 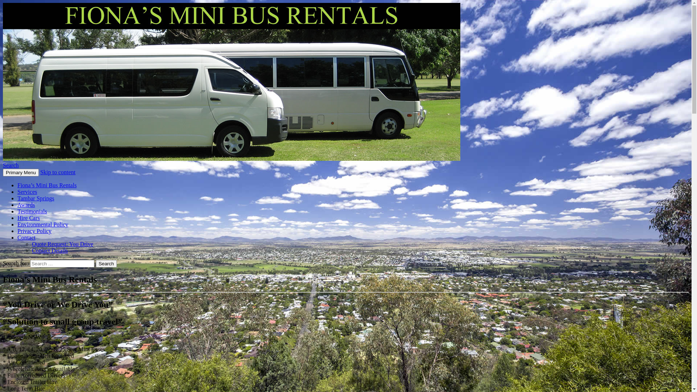 I want to click on 'Primary Menu', so click(x=21, y=172).